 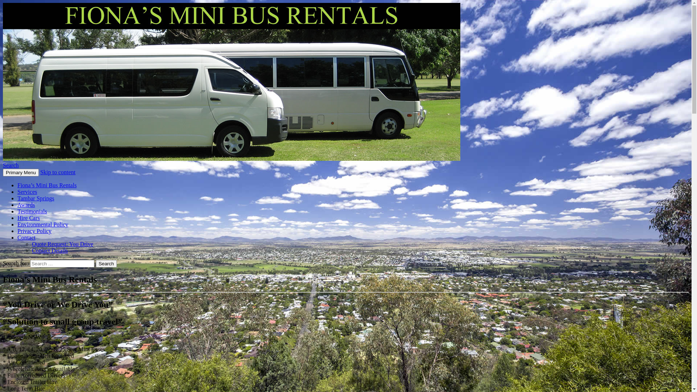 I want to click on 'Primary Menu', so click(x=21, y=172).